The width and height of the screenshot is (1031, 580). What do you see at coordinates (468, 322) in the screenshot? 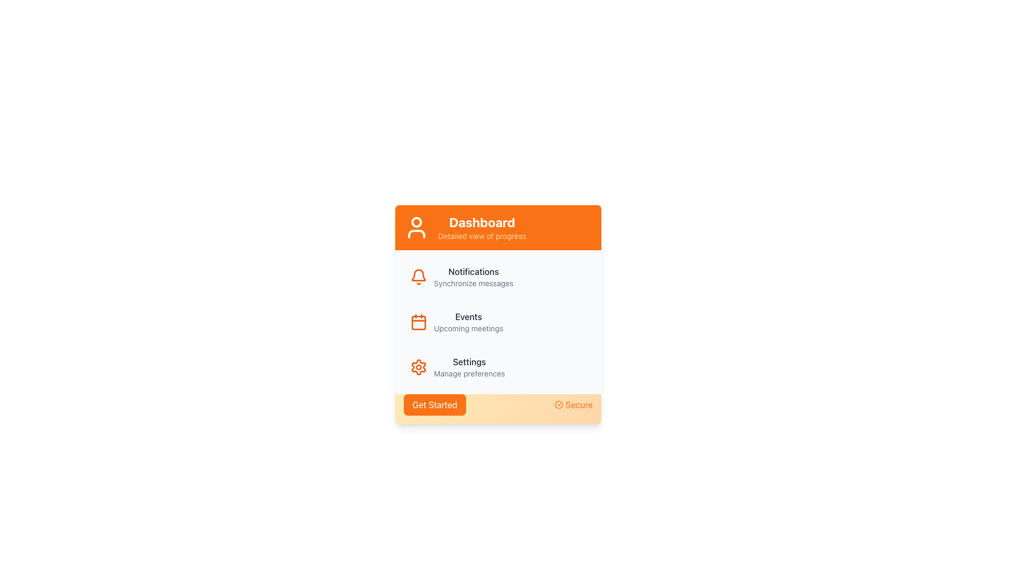
I see `text label element titled 'Events' that includes the subtitle 'Upcoming meetings', located in the middle section of the card-like interface` at bounding box center [468, 322].